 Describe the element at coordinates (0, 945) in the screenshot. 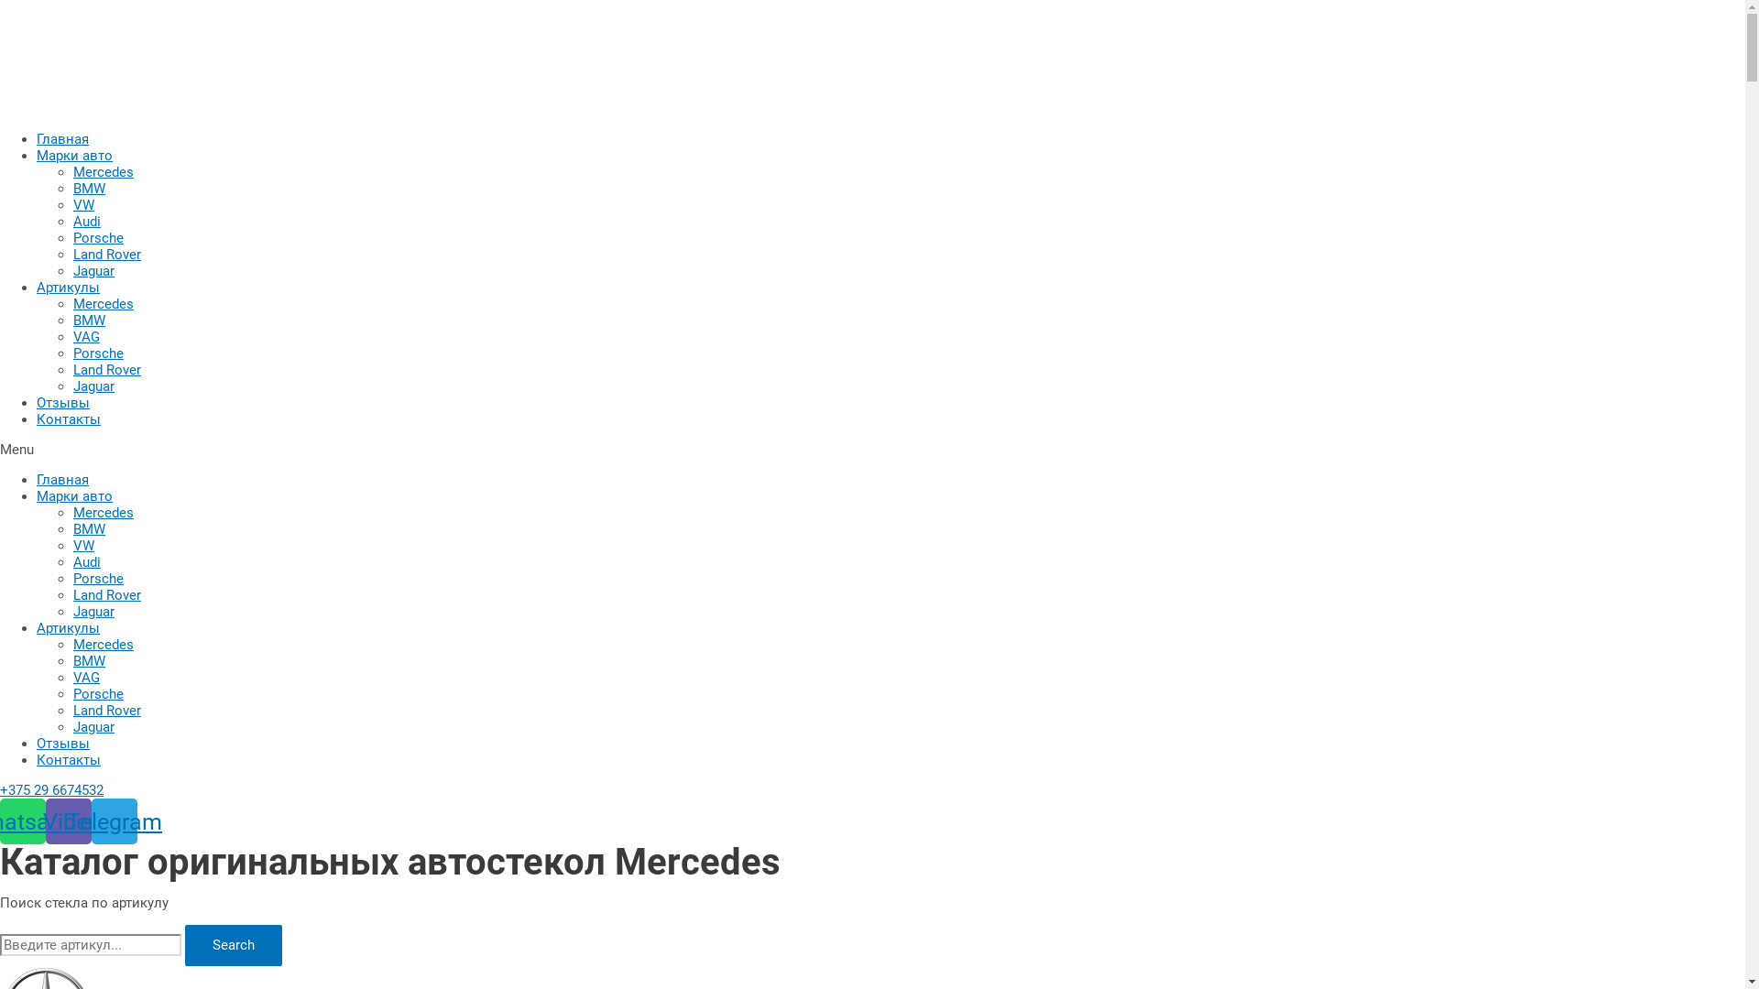

I see `'Search'` at that location.